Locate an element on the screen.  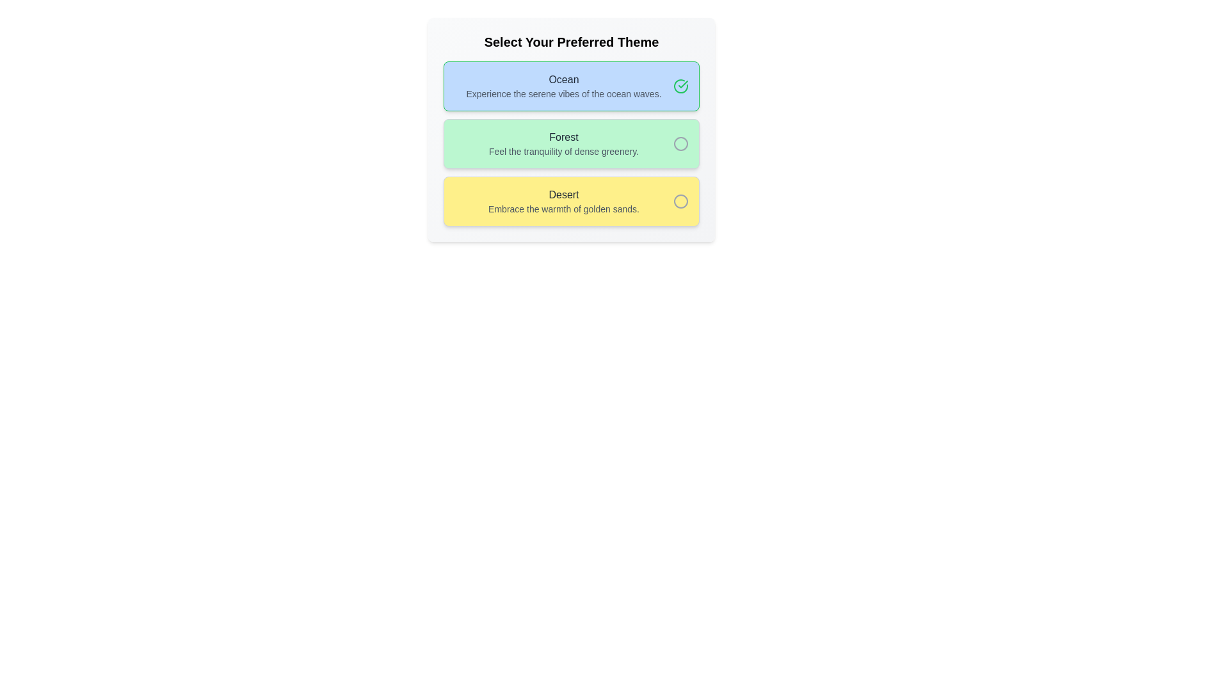
the text label displaying 'Desert' which is styled in medium-weight dark gray and located at the top of a yellow selection card is located at coordinates (563, 195).